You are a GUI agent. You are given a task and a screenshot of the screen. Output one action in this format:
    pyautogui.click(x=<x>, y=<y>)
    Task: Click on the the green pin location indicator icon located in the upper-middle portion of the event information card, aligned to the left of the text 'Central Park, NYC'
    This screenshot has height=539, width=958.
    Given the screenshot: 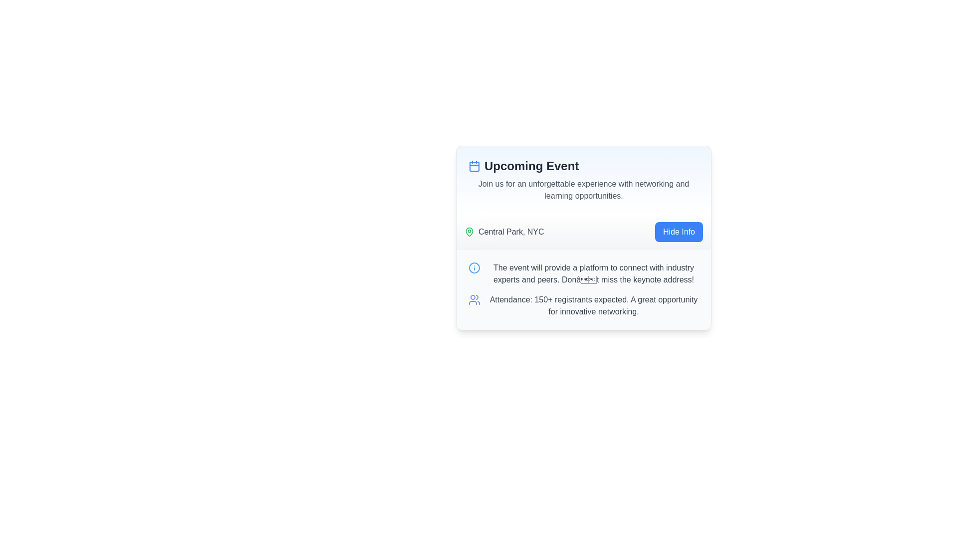 What is the action you would take?
    pyautogui.click(x=469, y=231)
    